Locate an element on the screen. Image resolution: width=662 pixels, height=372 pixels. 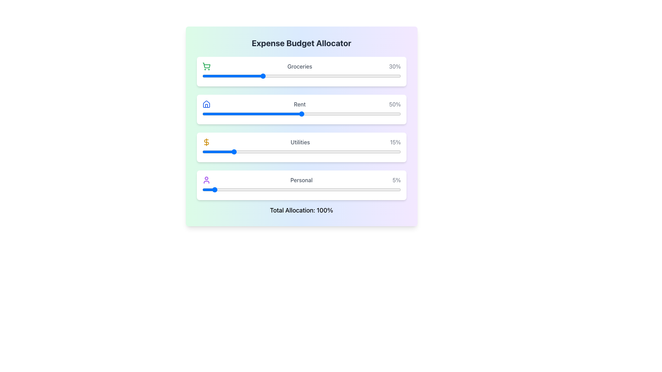
the allocation percentage for Groceries is located at coordinates (249, 76).